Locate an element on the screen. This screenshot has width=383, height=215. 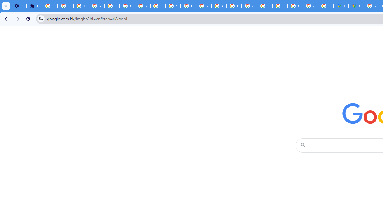
'Learn how to find your photos - Google Photos Help' is located at coordinates (80, 6).